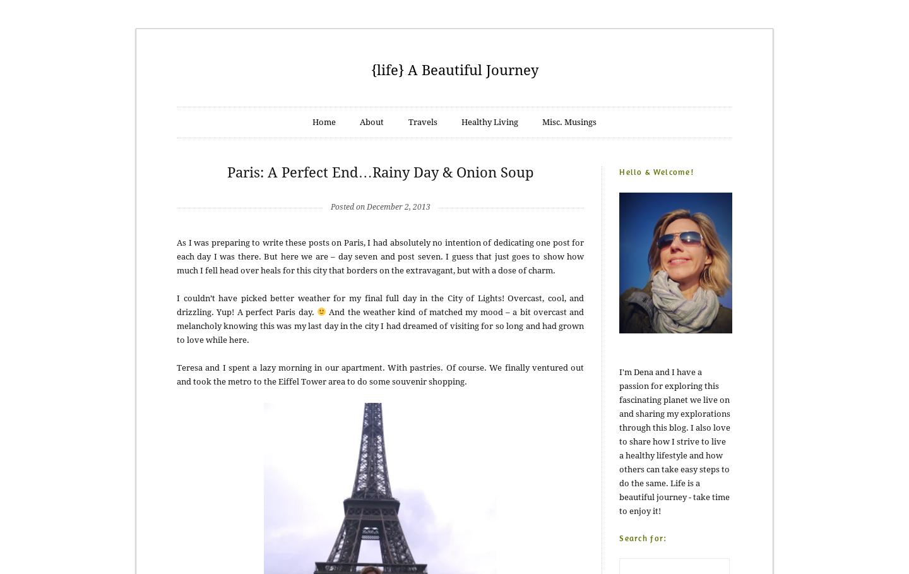 The image size is (909, 574). What do you see at coordinates (379, 172) in the screenshot?
I see `'Paris: A Perfect End…Rainy Day & Onion Soup'` at bounding box center [379, 172].